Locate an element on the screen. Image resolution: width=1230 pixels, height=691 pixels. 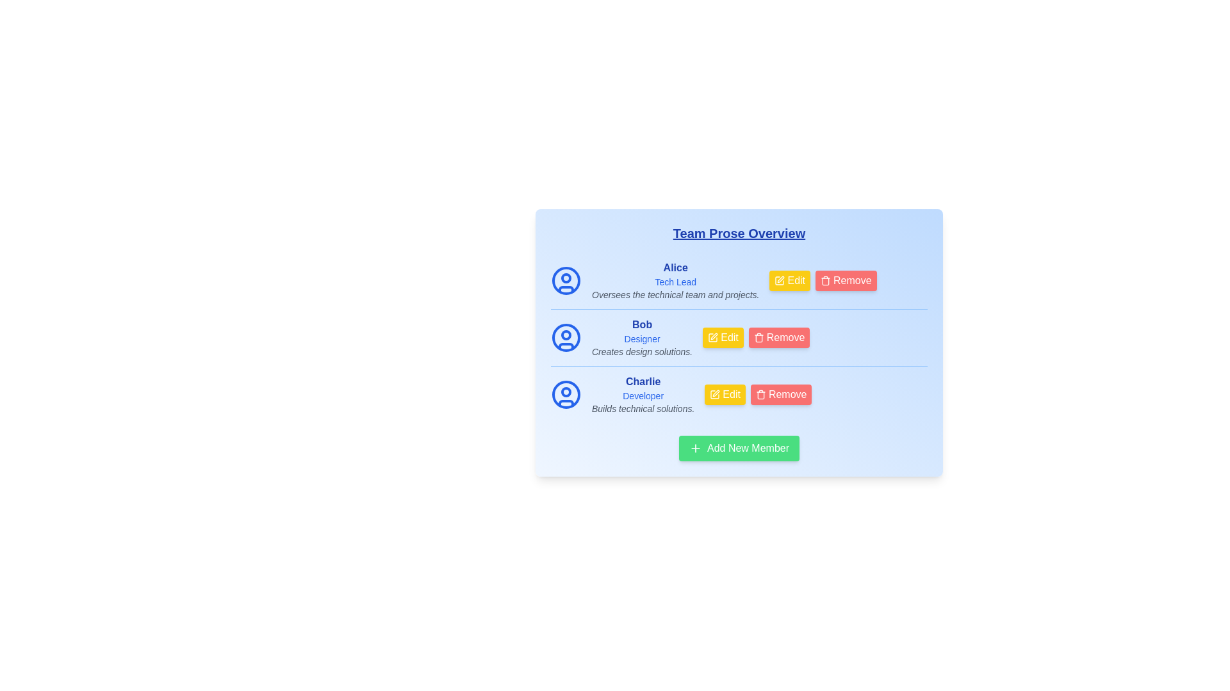
the Text label group containing 'Bob', 'Designer', and 'Creates design solutions', which is center-aligned against a light blue background and positioned between 'Alice' and 'Charlie' is located at coordinates (642, 337).